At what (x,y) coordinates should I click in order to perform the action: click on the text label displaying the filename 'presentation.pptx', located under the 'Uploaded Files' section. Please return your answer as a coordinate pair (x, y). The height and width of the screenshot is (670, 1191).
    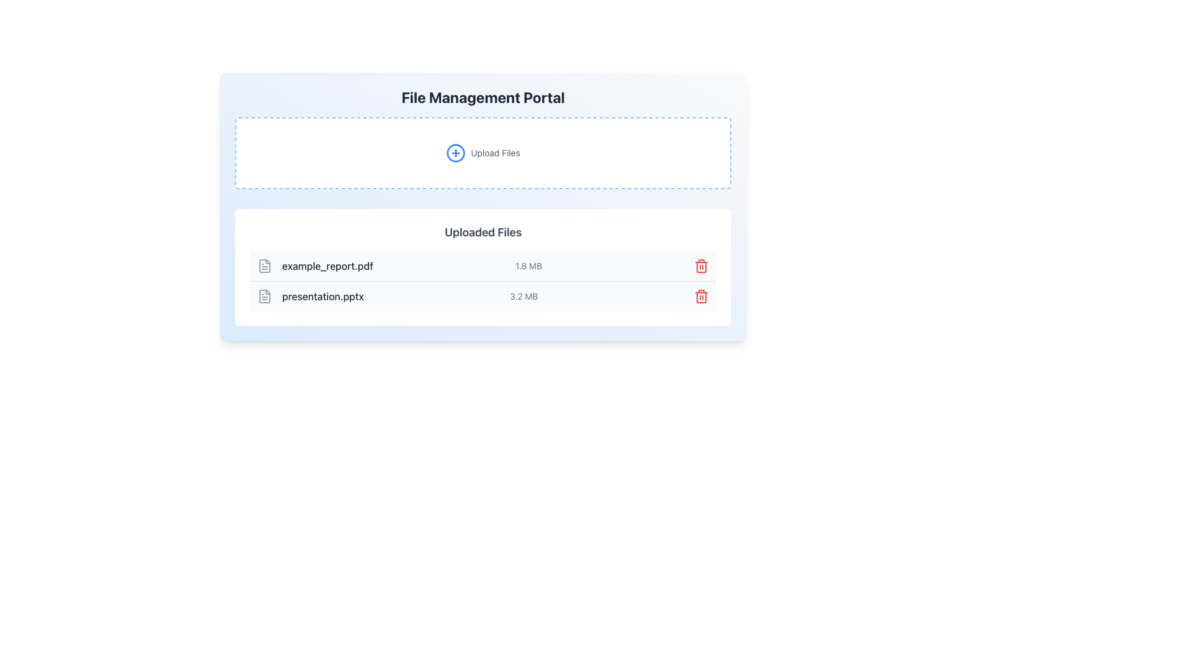
    Looking at the image, I should click on (310, 297).